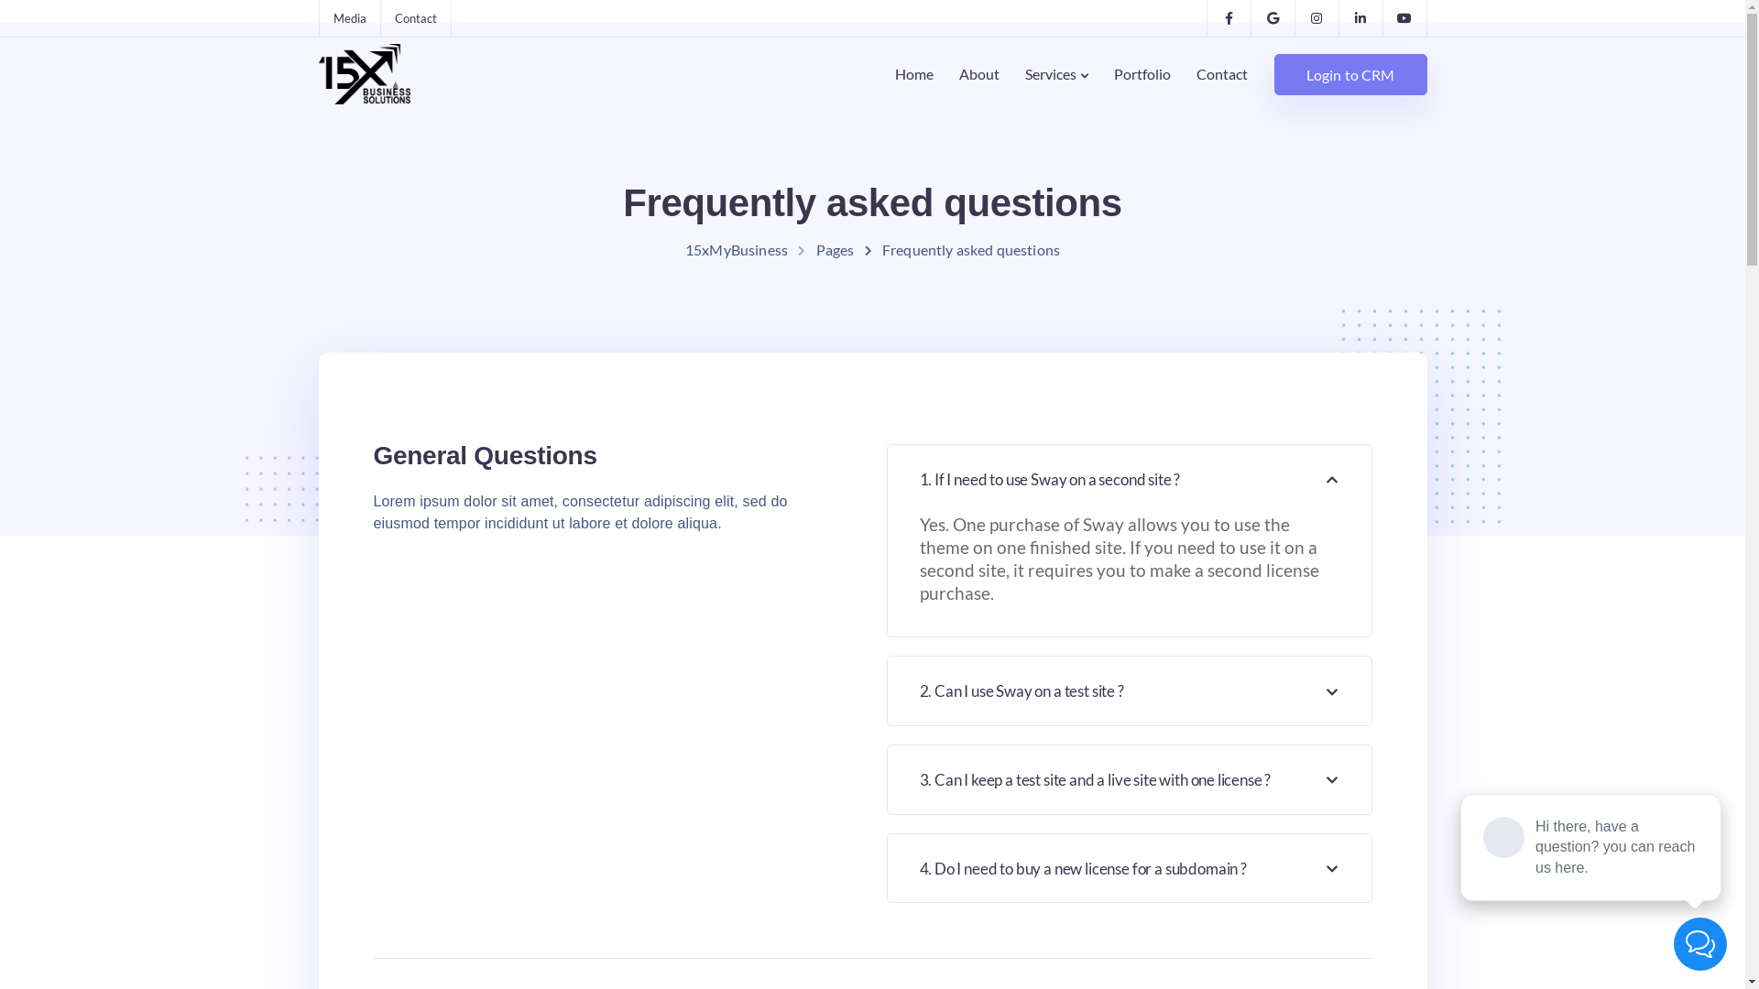  I want to click on 'IT Services', so click(587, 636).